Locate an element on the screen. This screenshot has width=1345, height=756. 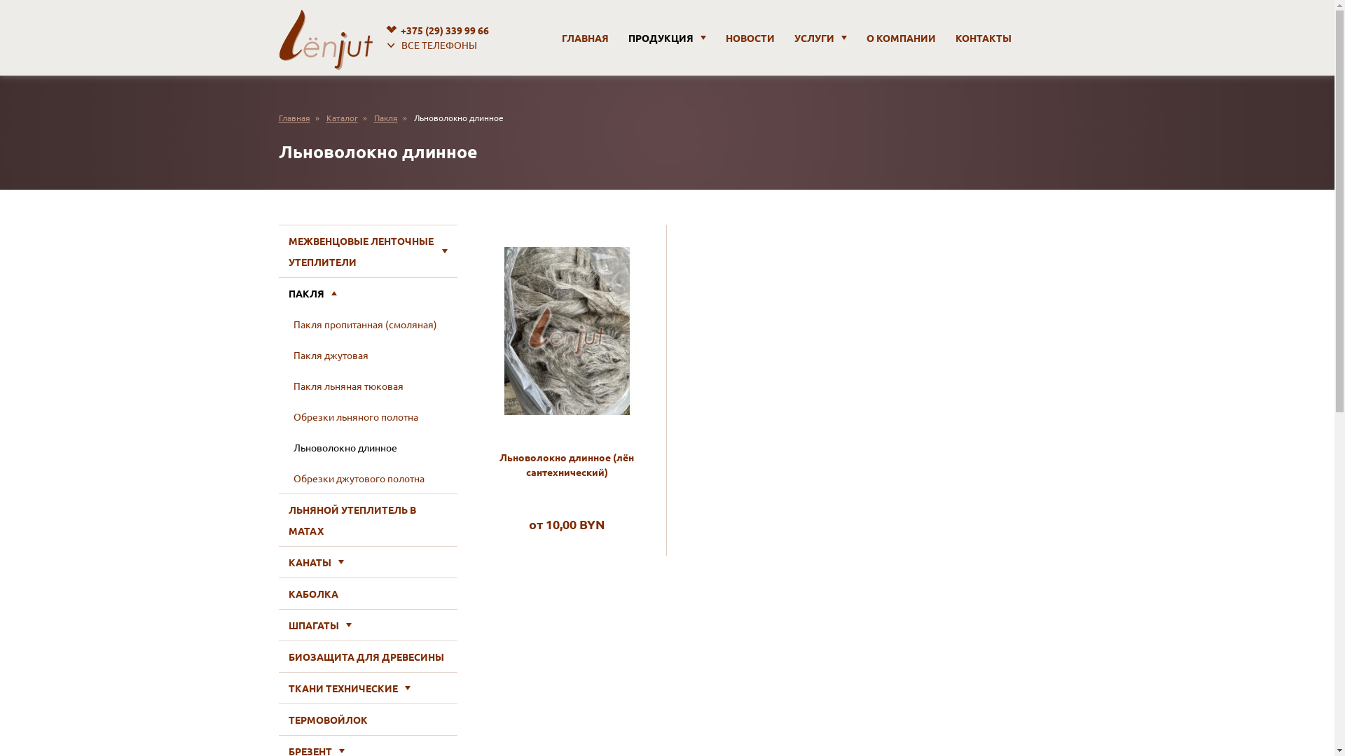
'+375 (29) 339 99 66' is located at coordinates (382, 30).